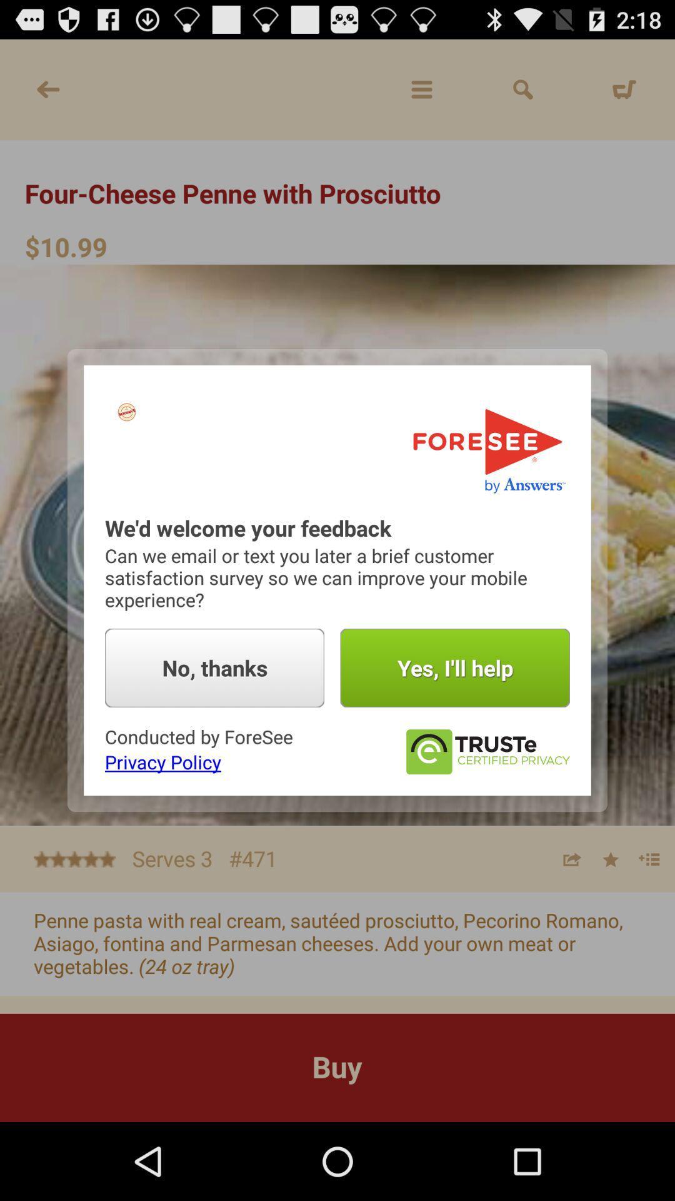 This screenshot has width=675, height=1201. Describe the element at coordinates (486, 751) in the screenshot. I see `app to the right of the conducted by foresee` at that location.